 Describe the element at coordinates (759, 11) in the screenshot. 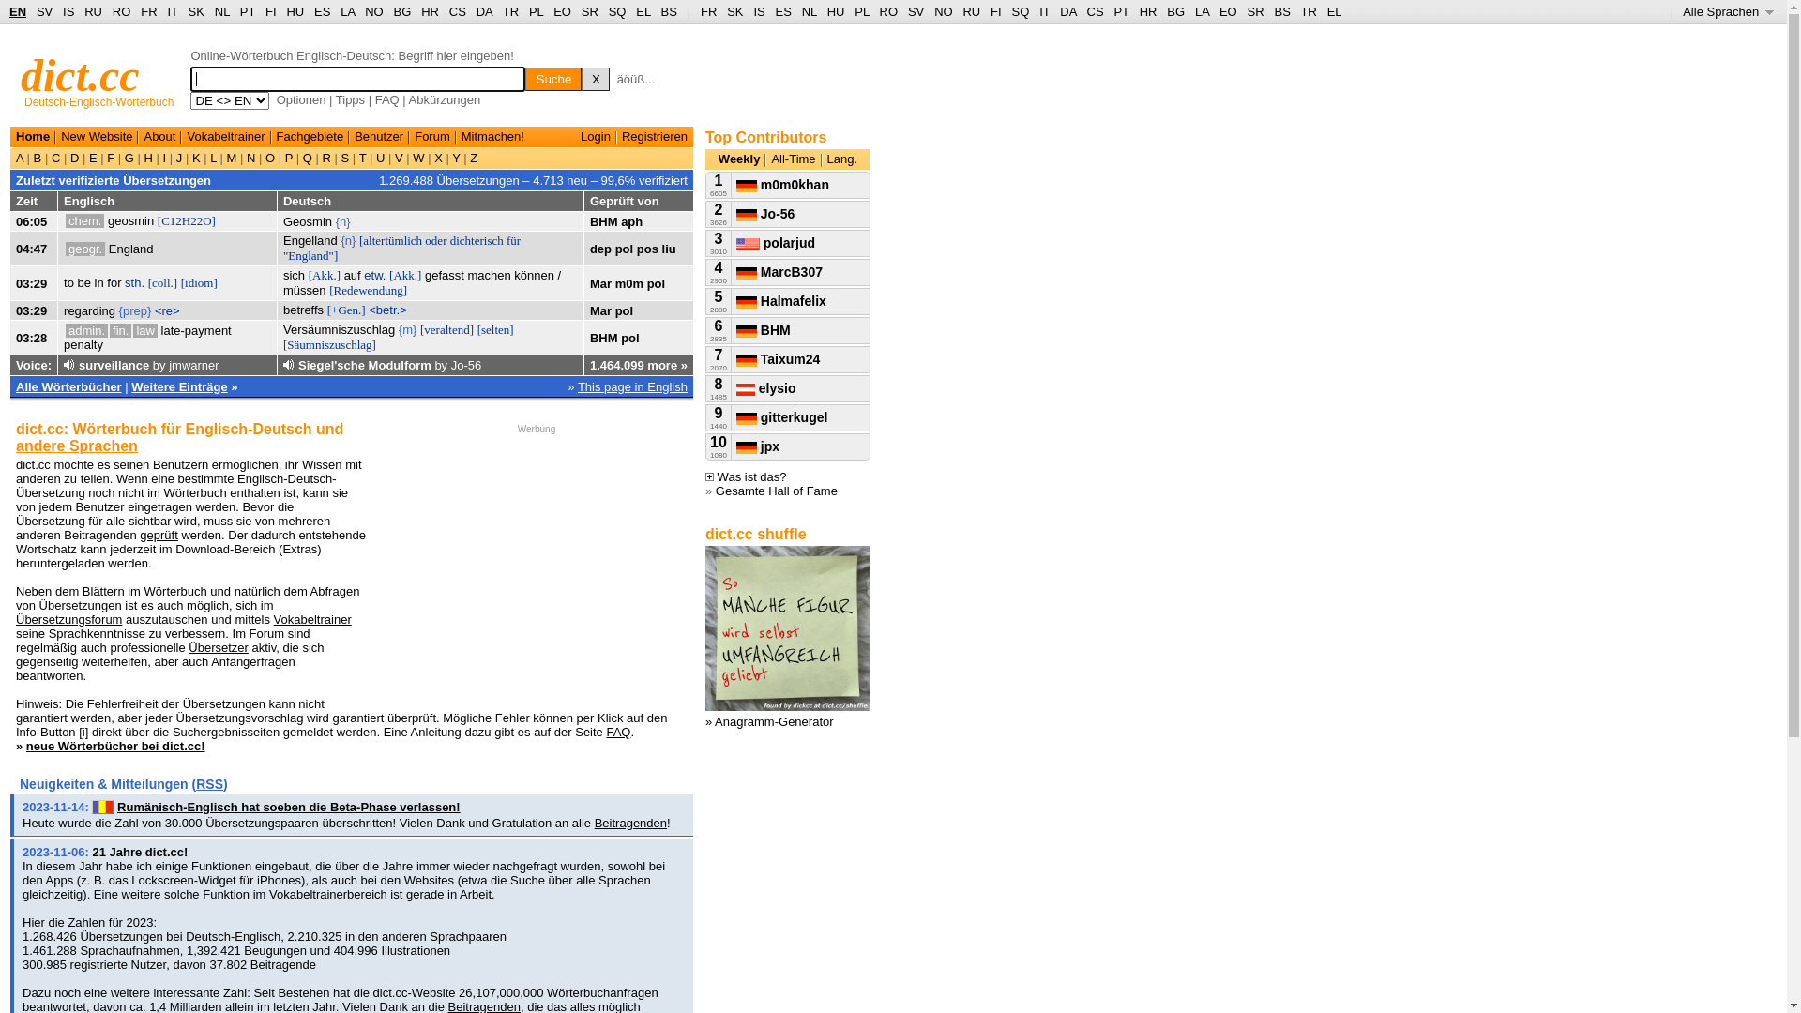

I see `'IS'` at that location.